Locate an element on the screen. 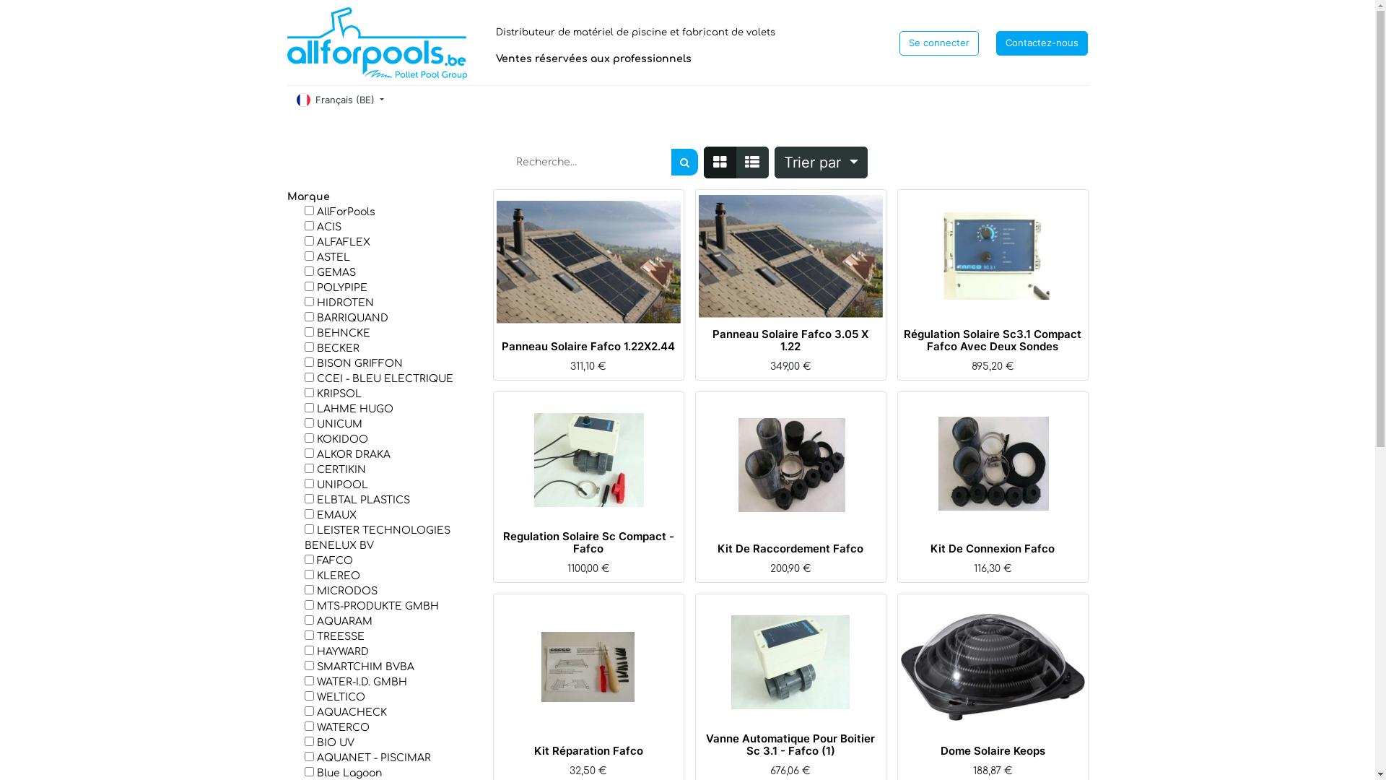 Image resolution: width=1386 pixels, height=780 pixels. 'Liste' is located at coordinates (751, 162).